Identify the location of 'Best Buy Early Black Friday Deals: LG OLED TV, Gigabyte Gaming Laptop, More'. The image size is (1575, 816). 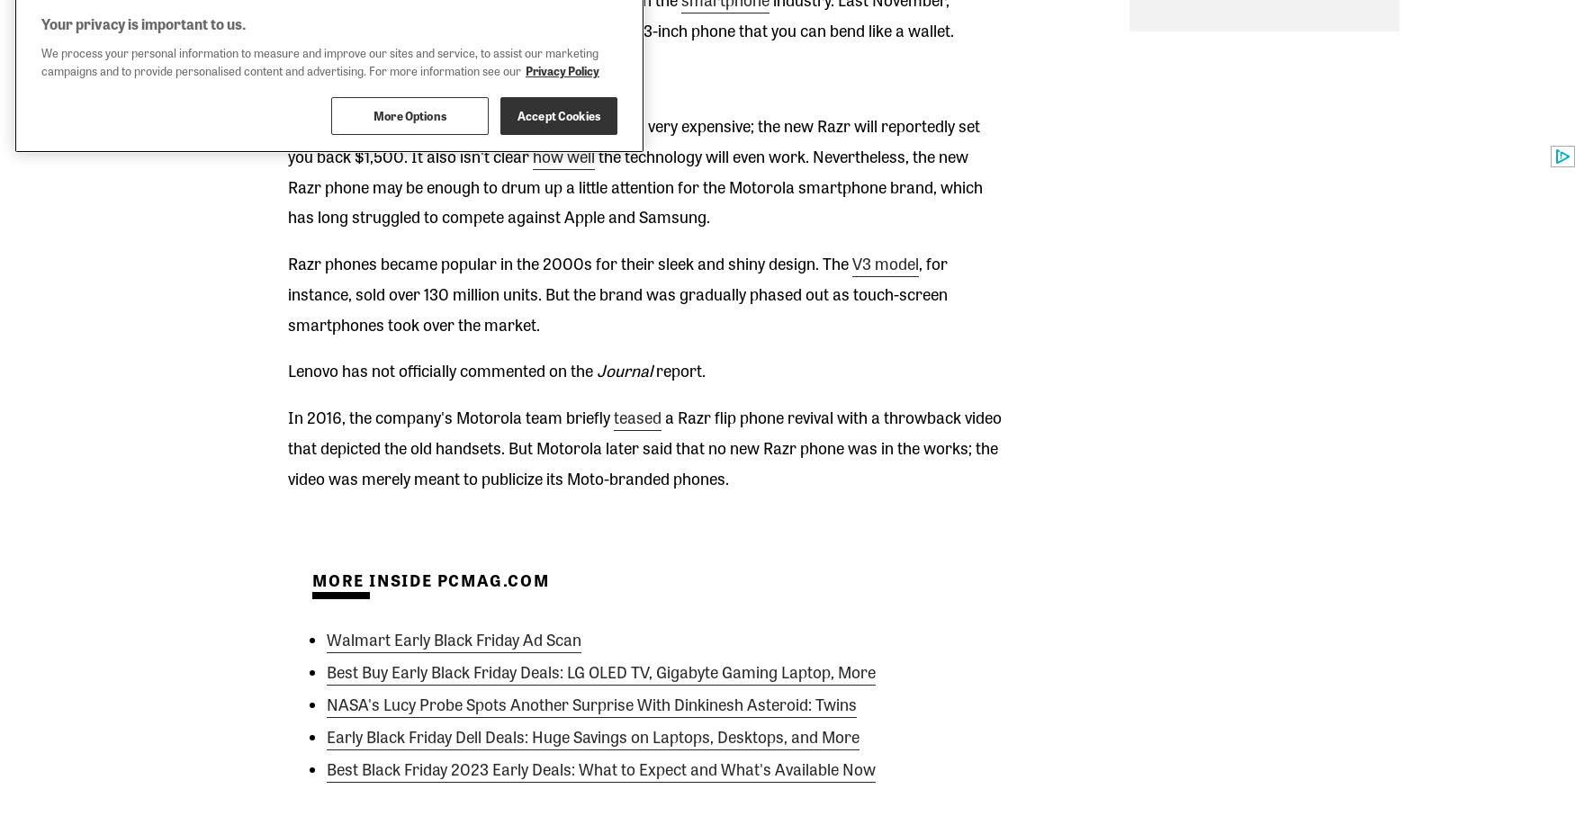
(326, 669).